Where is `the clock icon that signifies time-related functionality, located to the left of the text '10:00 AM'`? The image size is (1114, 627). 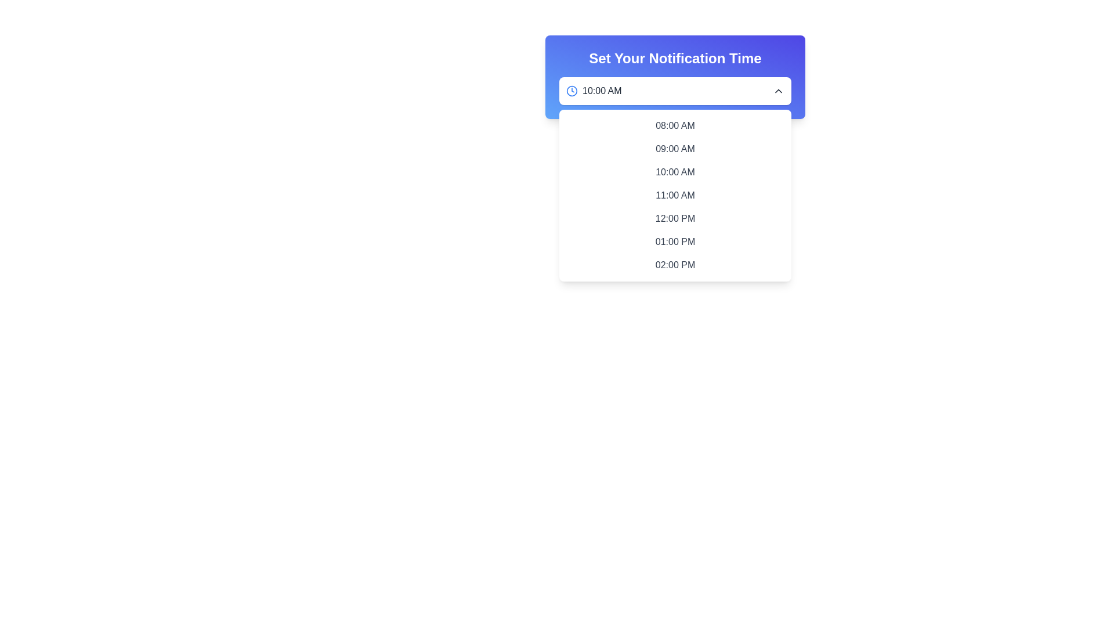
the clock icon that signifies time-related functionality, located to the left of the text '10:00 AM' is located at coordinates (572, 91).